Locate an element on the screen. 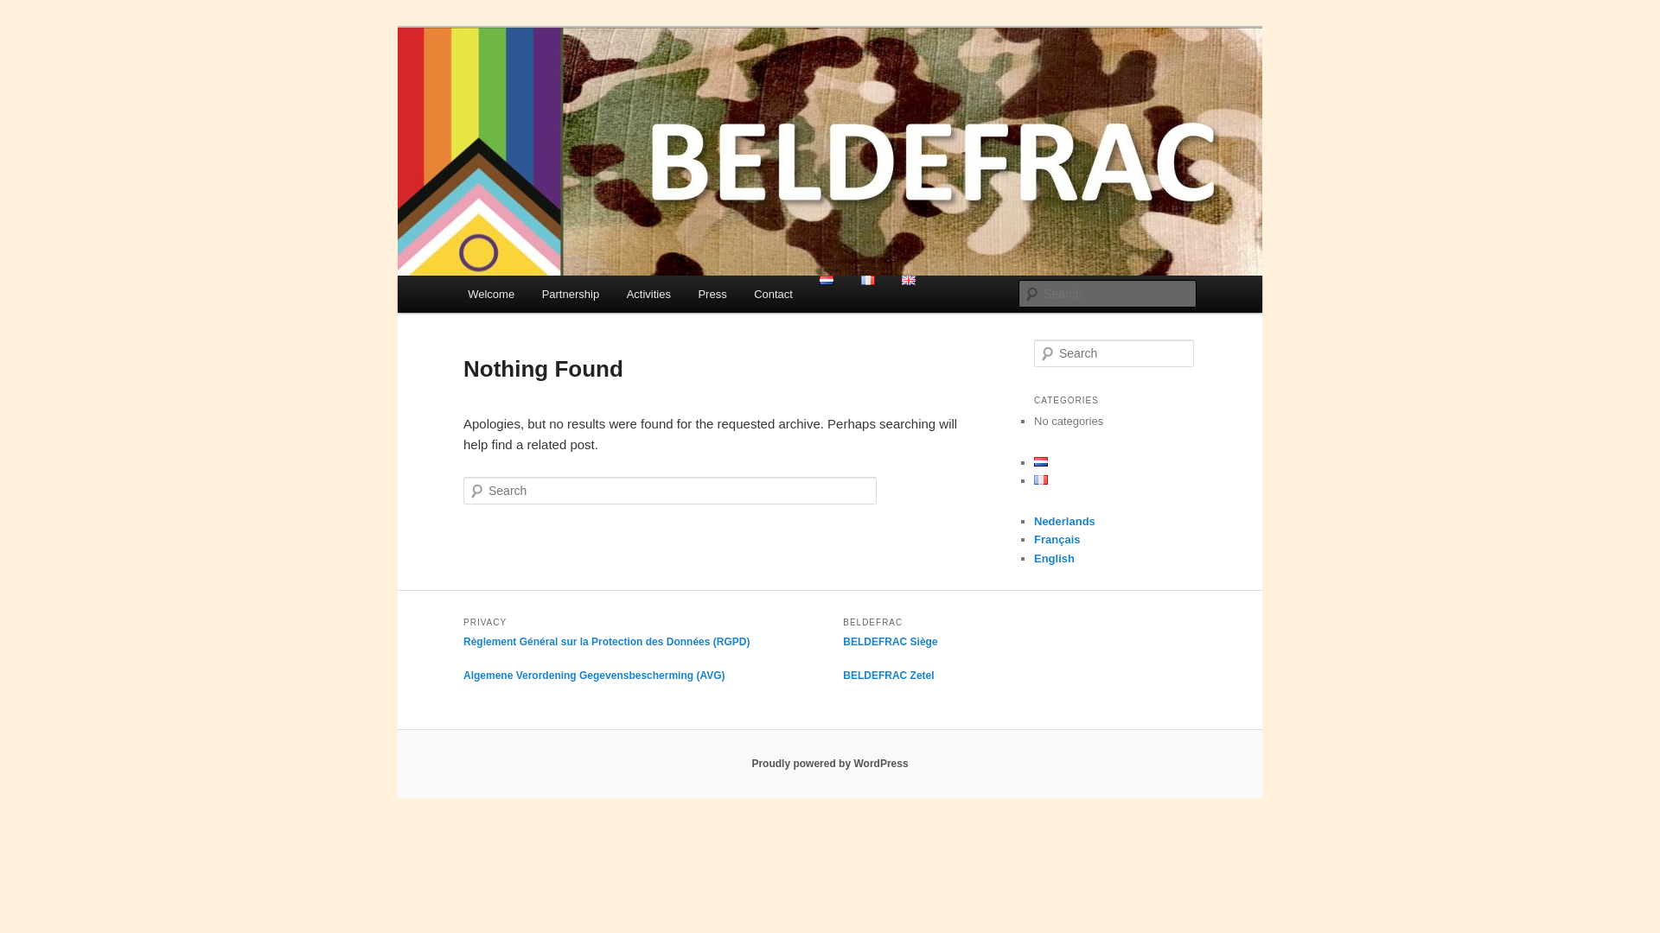  'Activities' is located at coordinates (648, 293).